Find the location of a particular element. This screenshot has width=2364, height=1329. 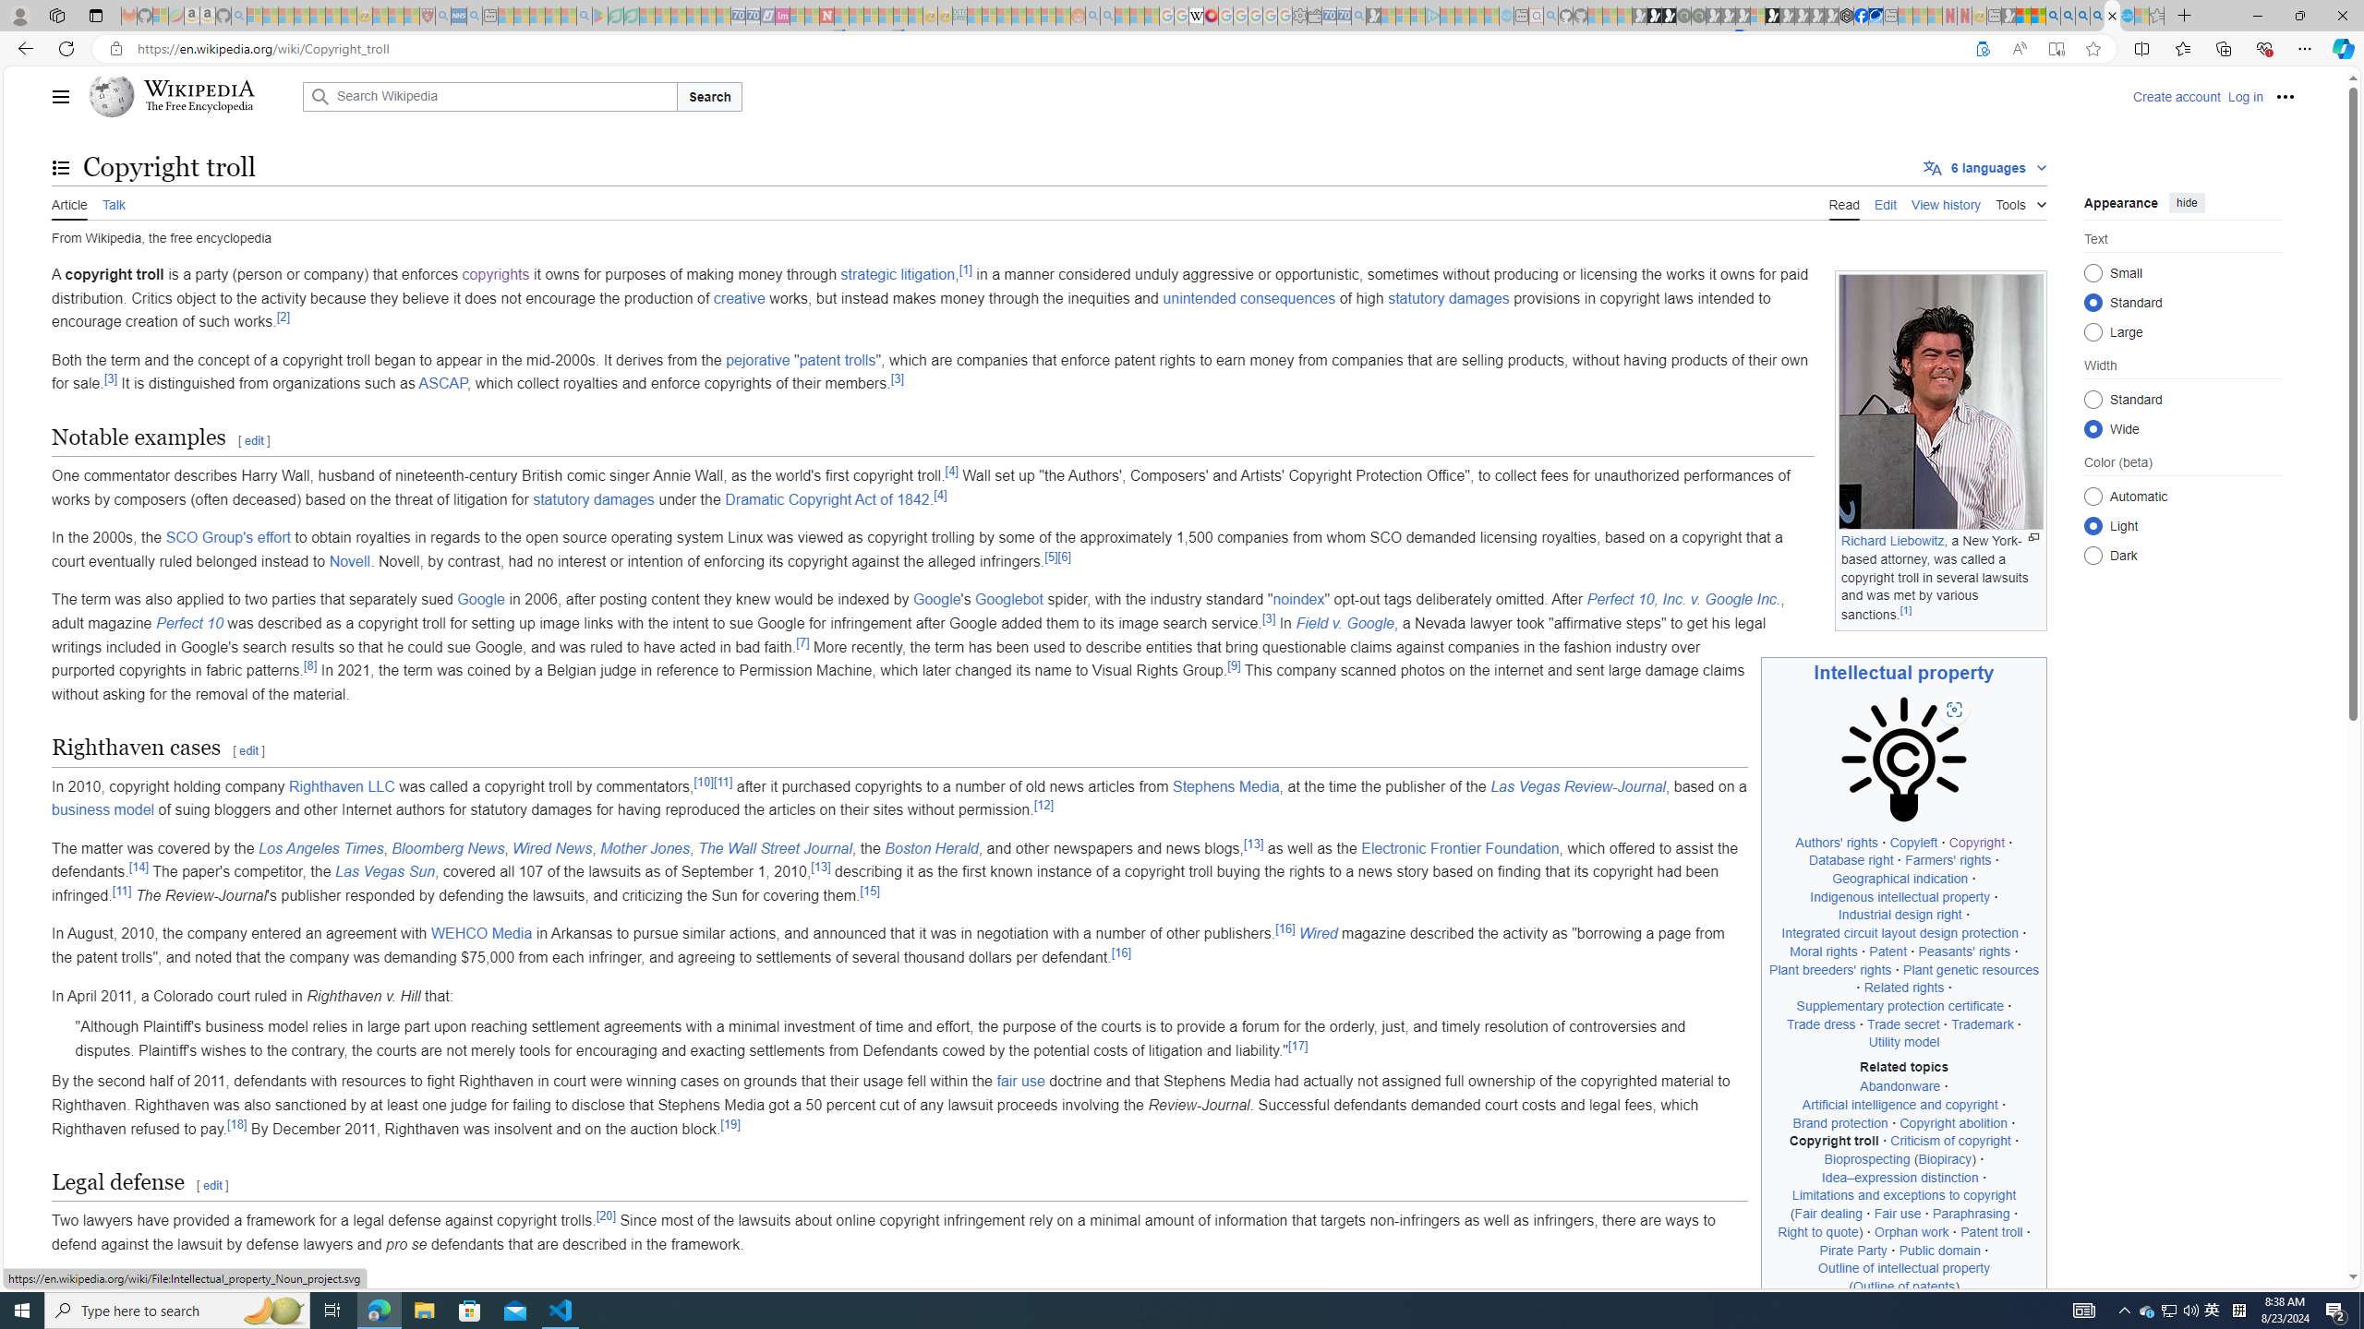

'Geographical indication' is located at coordinates (1900, 878).